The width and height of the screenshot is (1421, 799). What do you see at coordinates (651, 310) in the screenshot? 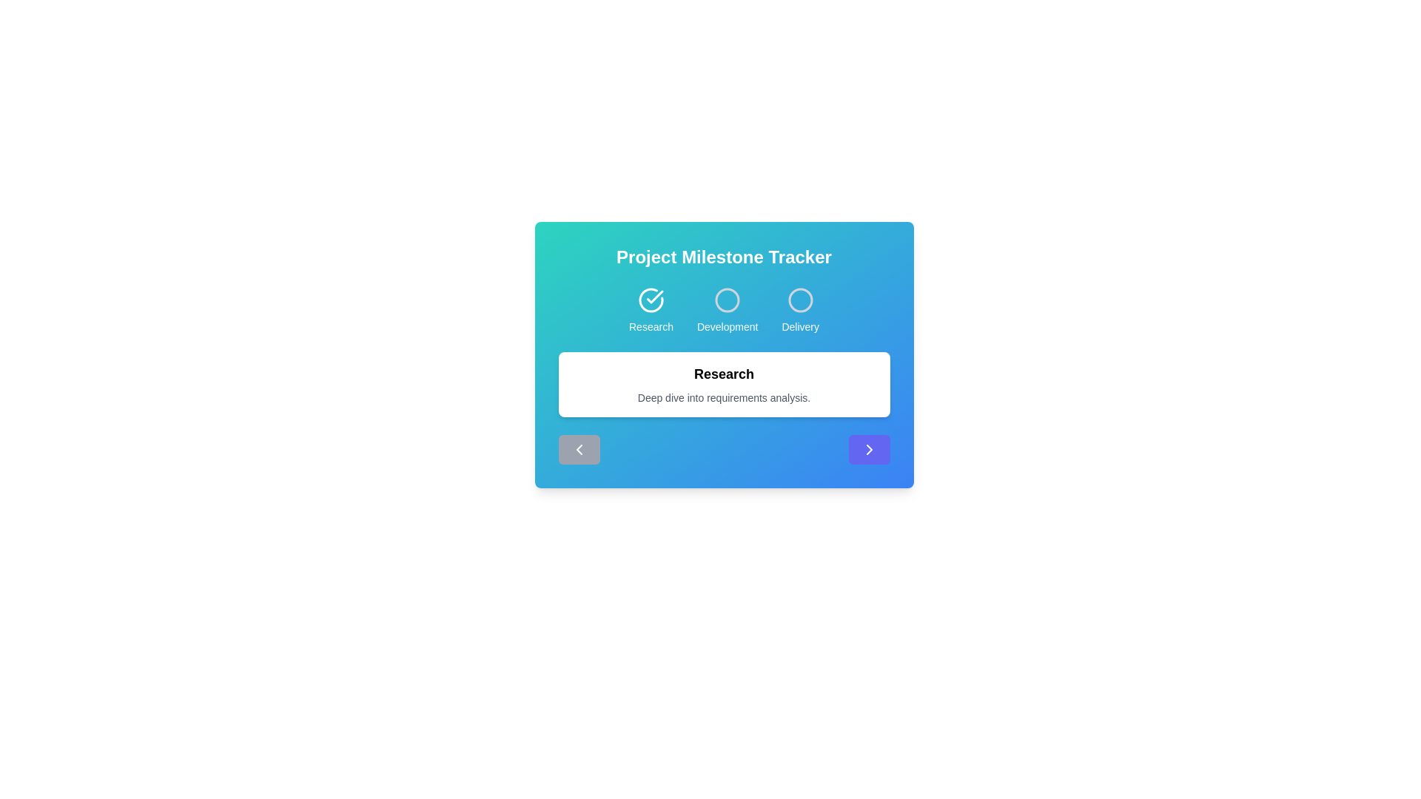
I see `the 'Research' milestone icon located at the top-left section of the project tracking interface` at bounding box center [651, 310].